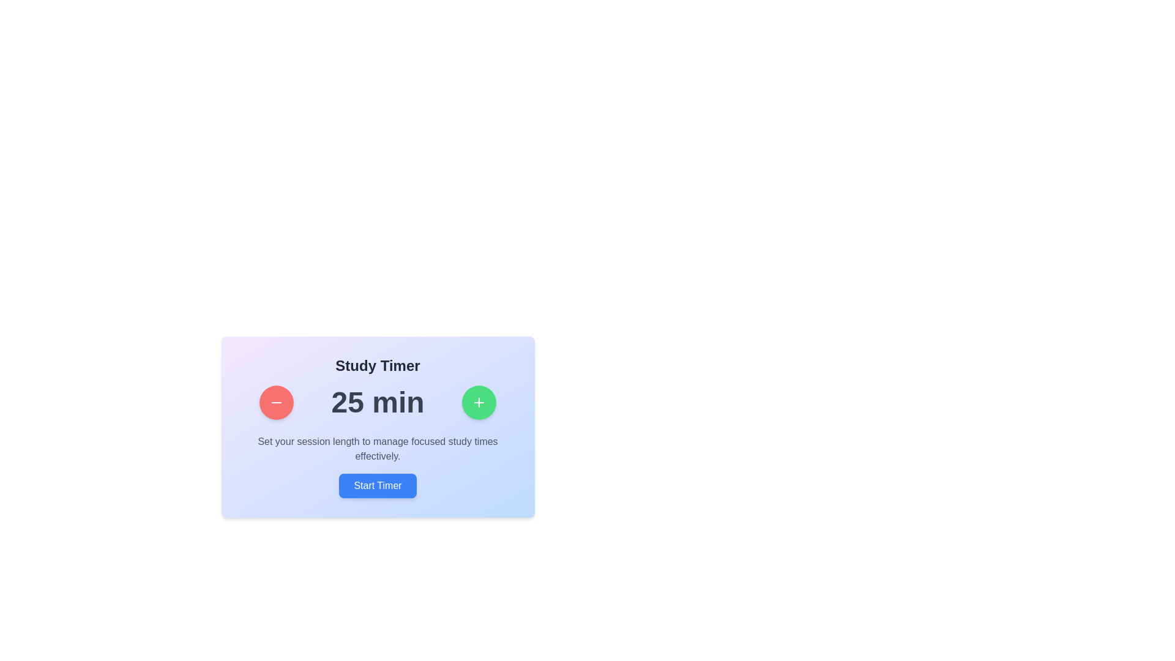 This screenshot has width=1175, height=661. I want to click on the text display that indicates the currently selected session length for the timer, located below the 'Study Timer' title and between the red subtraction and green addition buttons, so click(377, 403).